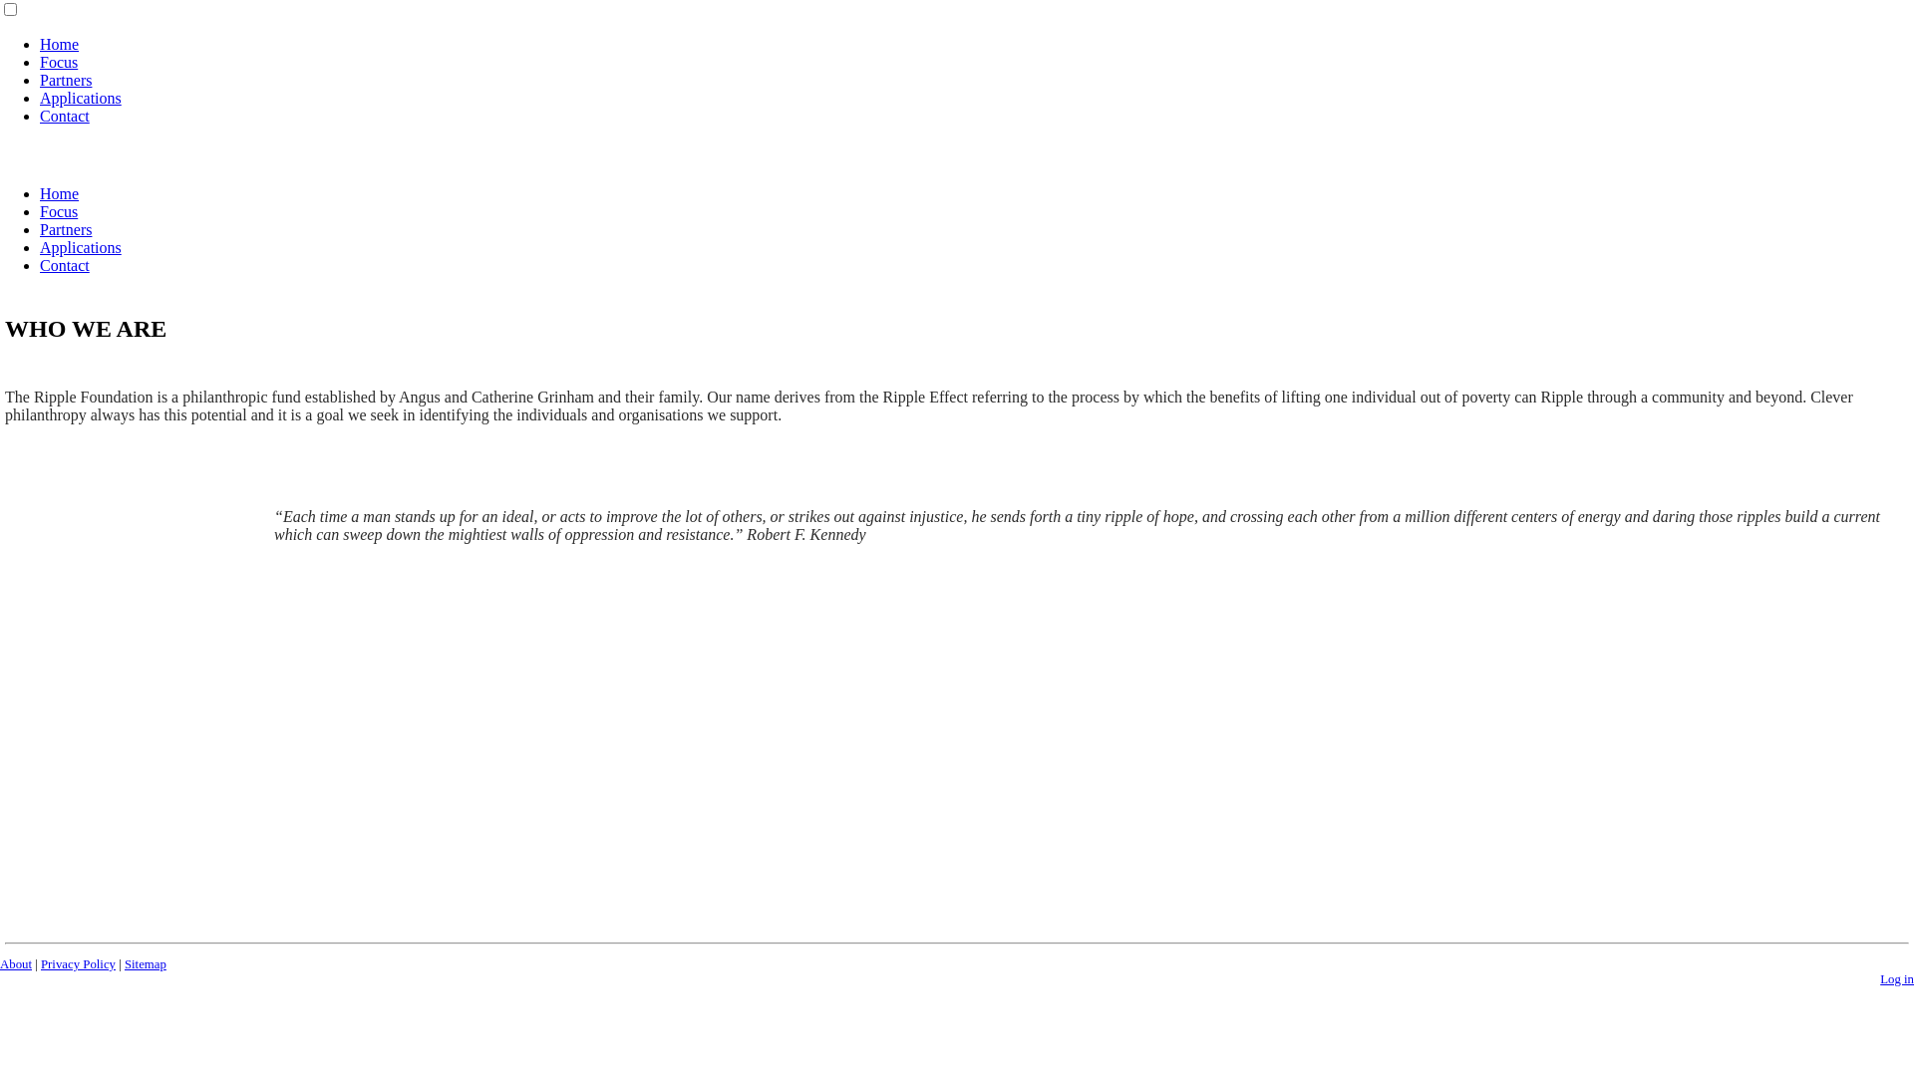  What do you see at coordinates (66, 228) in the screenshot?
I see `'Partners'` at bounding box center [66, 228].